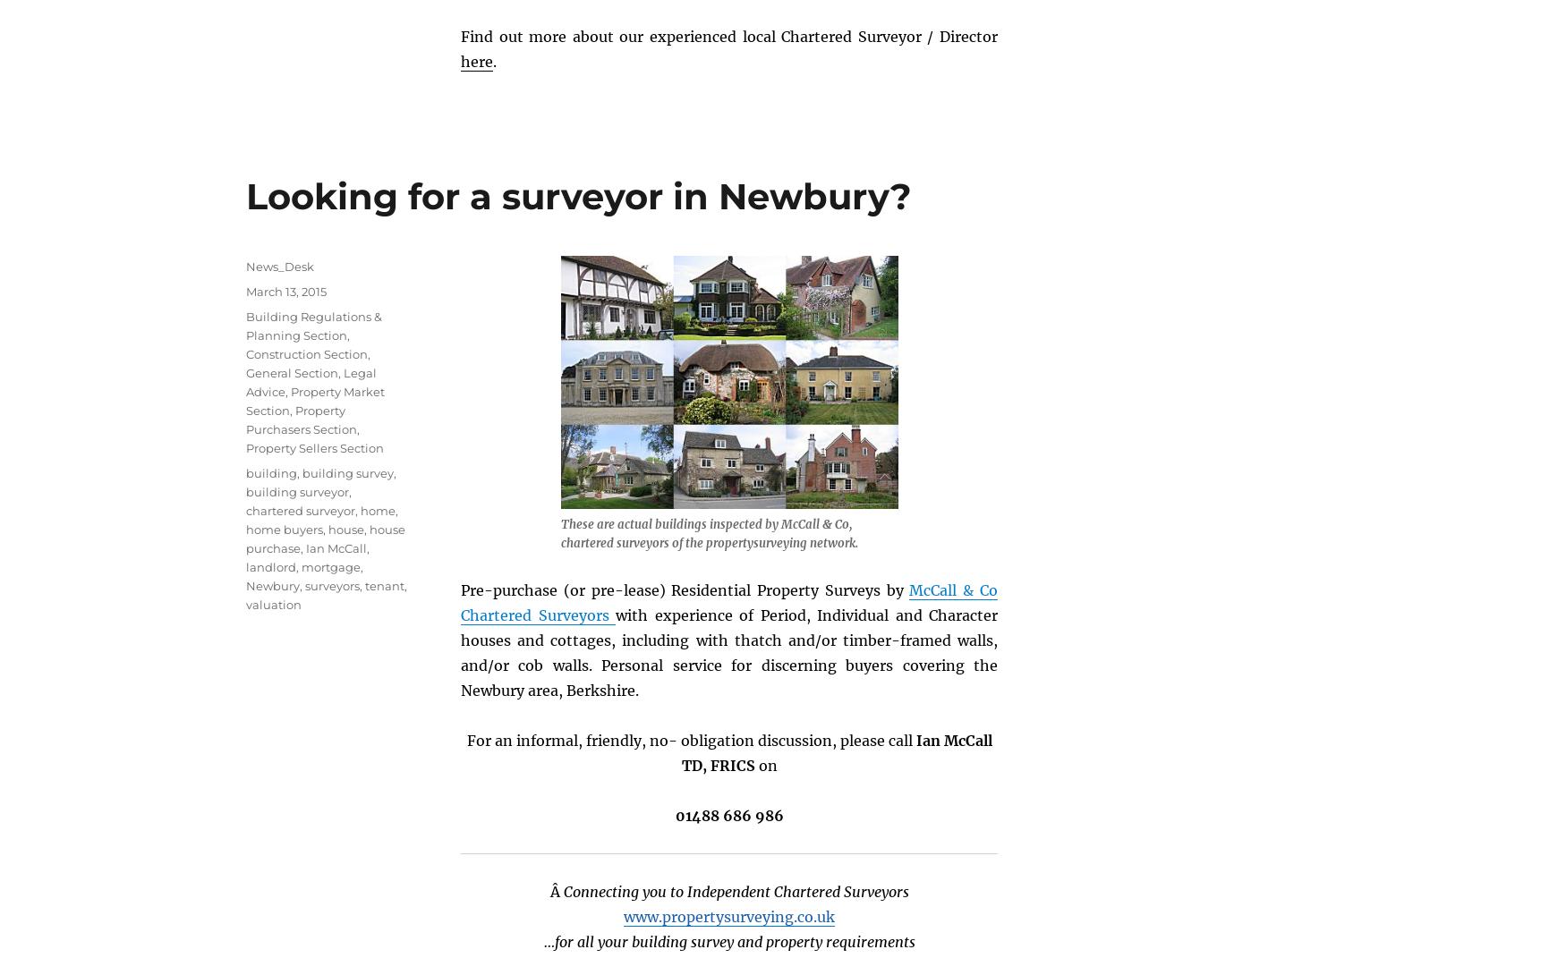 This screenshot has height=958, width=1566. I want to click on 'mortgage', so click(330, 564).